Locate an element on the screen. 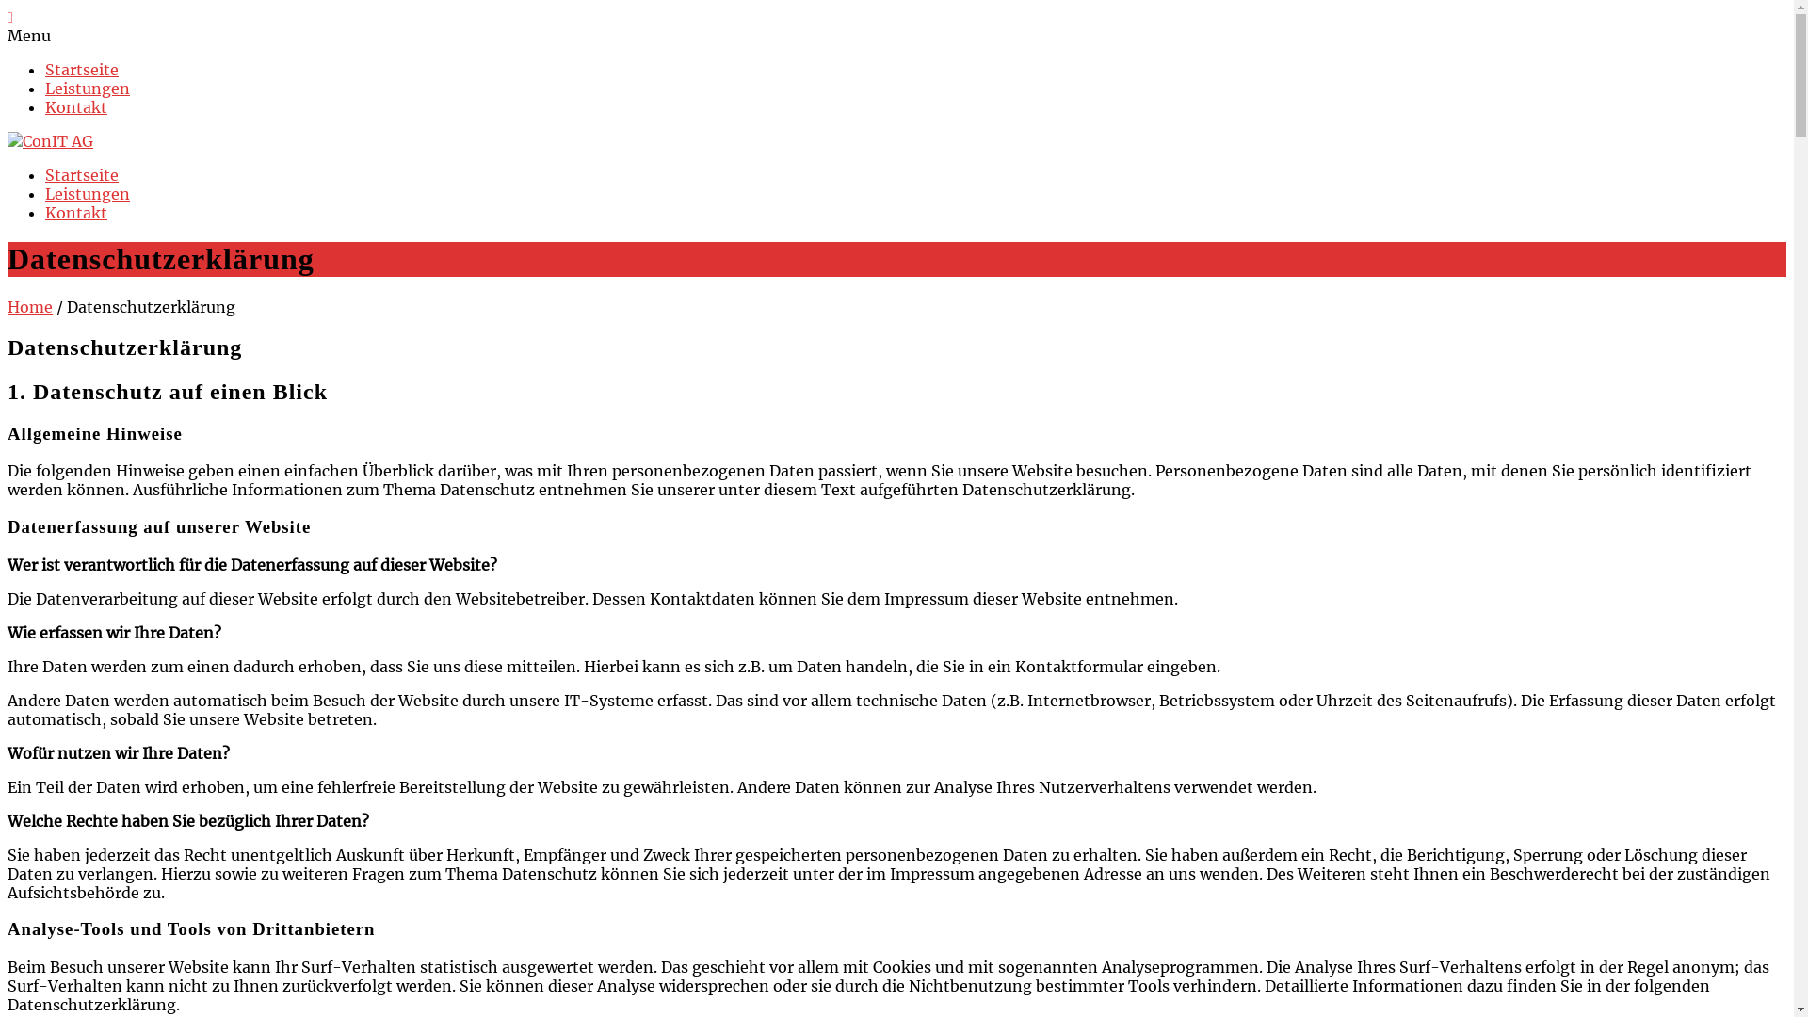  'Leistungen' is located at coordinates (86, 193).